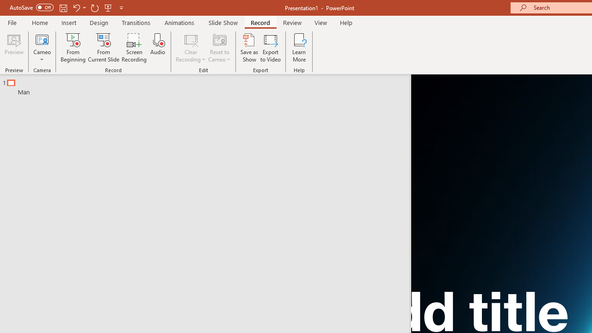 This screenshot has height=333, width=592. I want to click on 'From Beginning...', so click(73, 48).